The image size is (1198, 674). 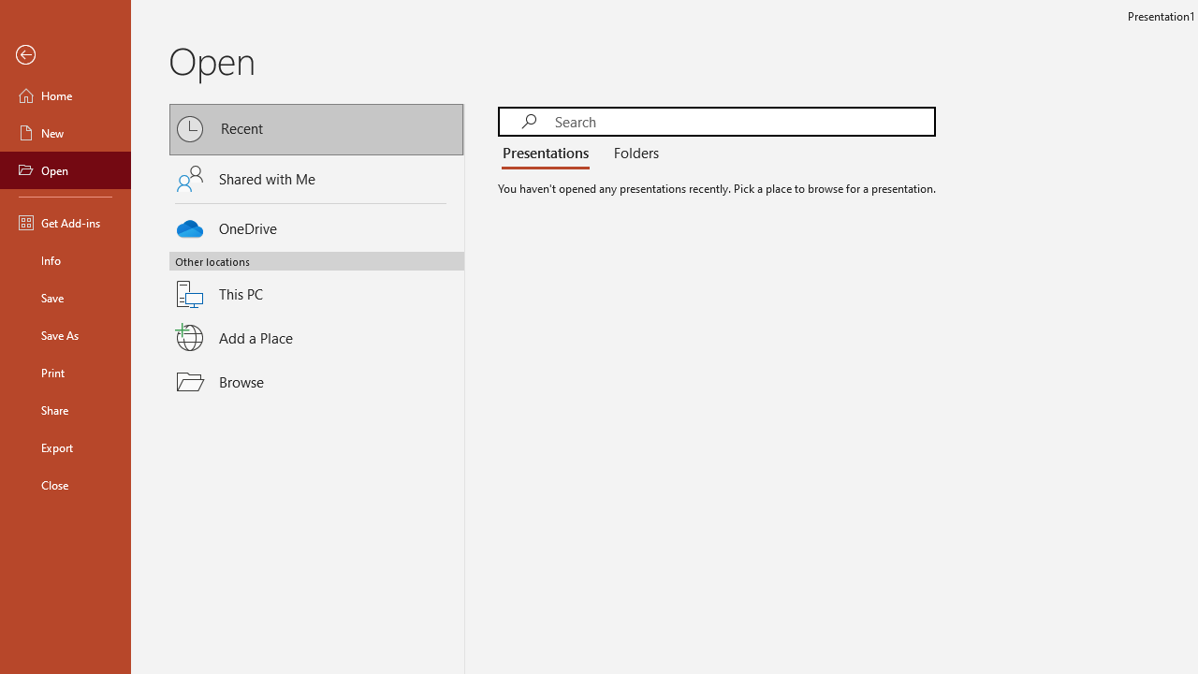 I want to click on 'Save As', so click(x=65, y=333).